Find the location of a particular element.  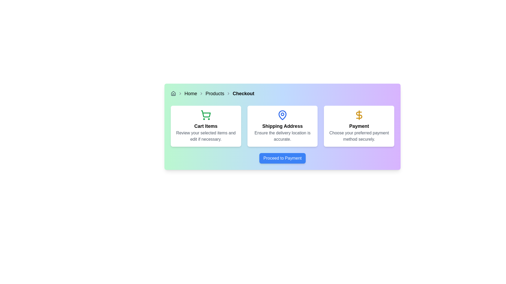

the Information Card, which is the third card in a three-column grid layout, located on the far-right, providing payment options and secure payment instructions is located at coordinates (359, 126).